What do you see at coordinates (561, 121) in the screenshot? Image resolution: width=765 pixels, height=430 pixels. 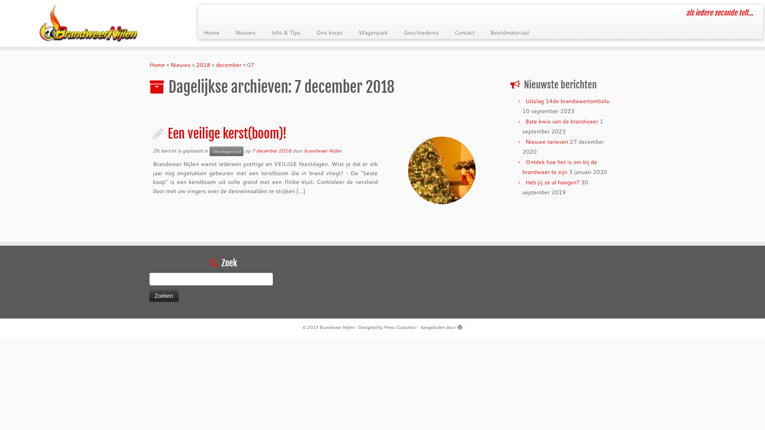 I see `'8ste kwis van de brandweer'` at bounding box center [561, 121].